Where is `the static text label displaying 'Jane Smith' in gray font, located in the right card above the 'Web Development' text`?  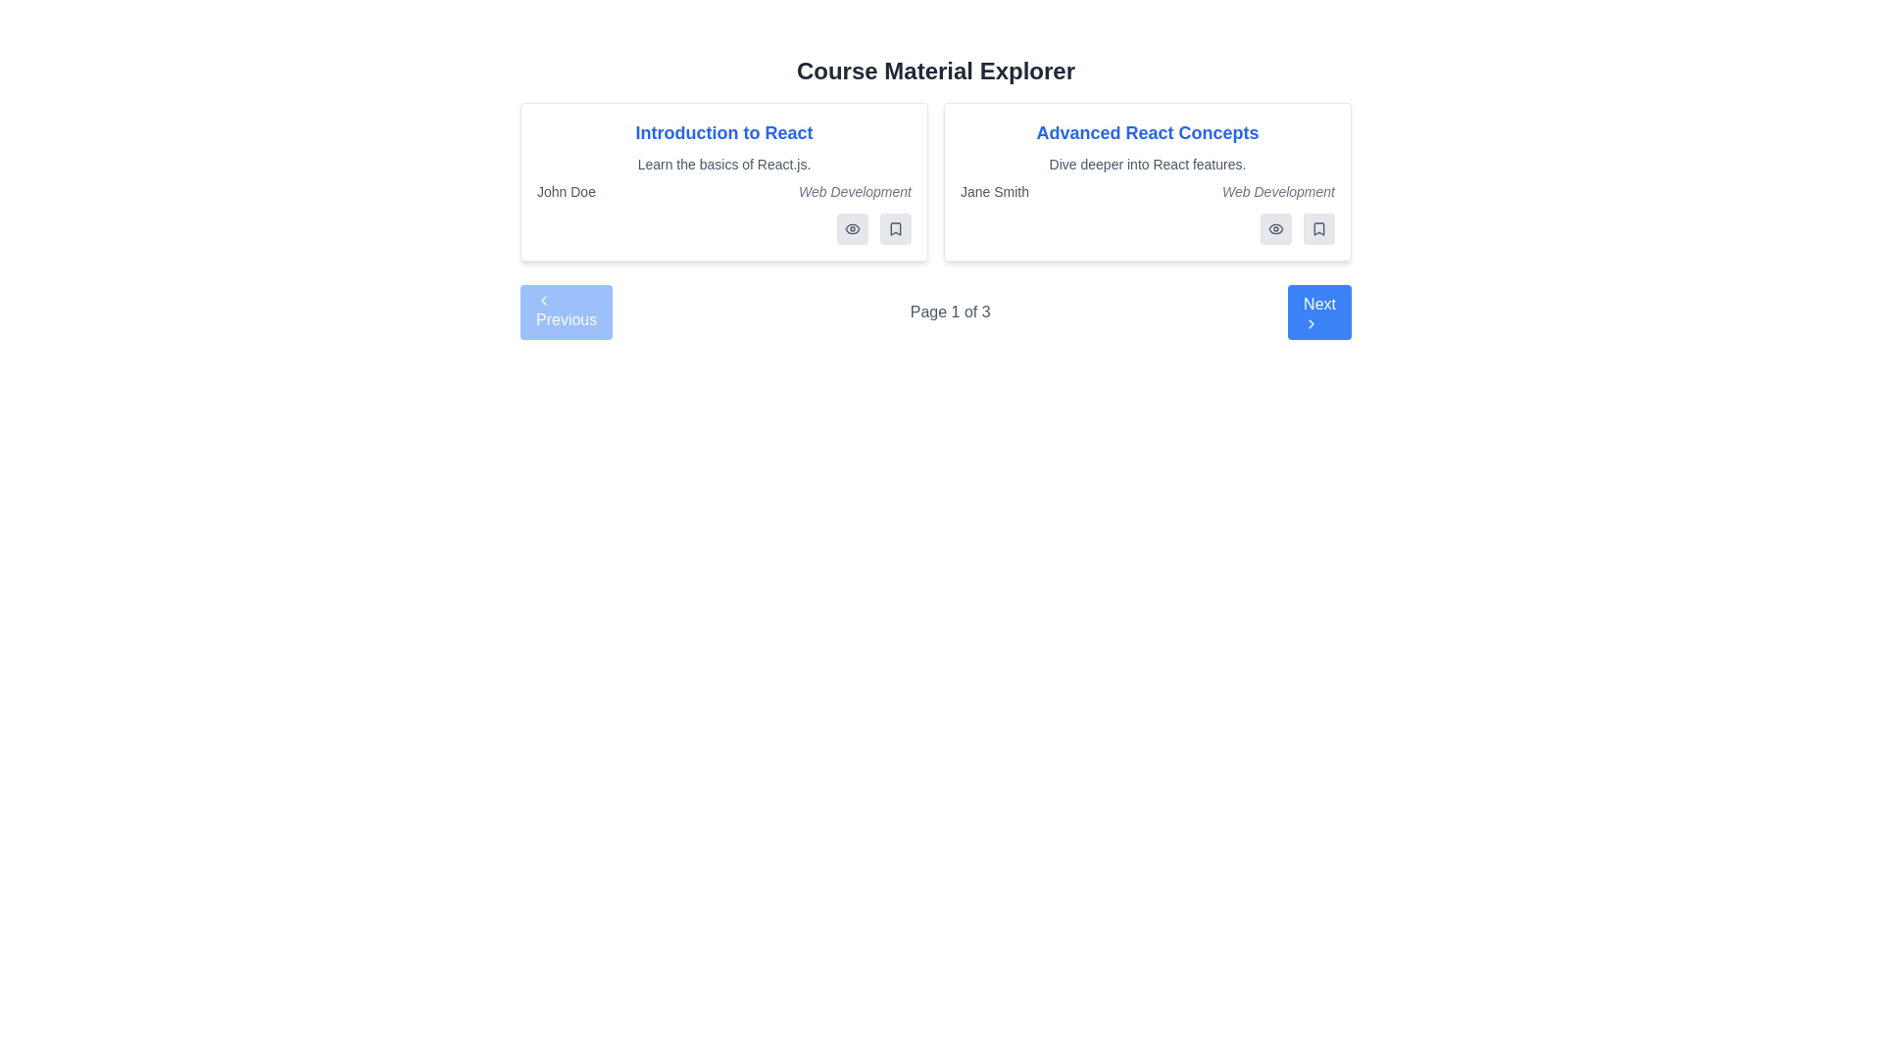 the static text label displaying 'Jane Smith' in gray font, located in the right card above the 'Web Development' text is located at coordinates (995, 192).